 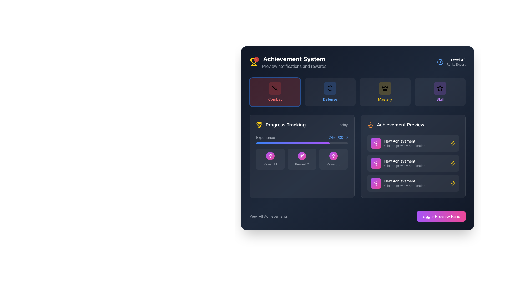 I want to click on the Vector Graphic Component that contributes to the visualization of an icon within the 'Combat' feature interface, so click(x=274, y=88).